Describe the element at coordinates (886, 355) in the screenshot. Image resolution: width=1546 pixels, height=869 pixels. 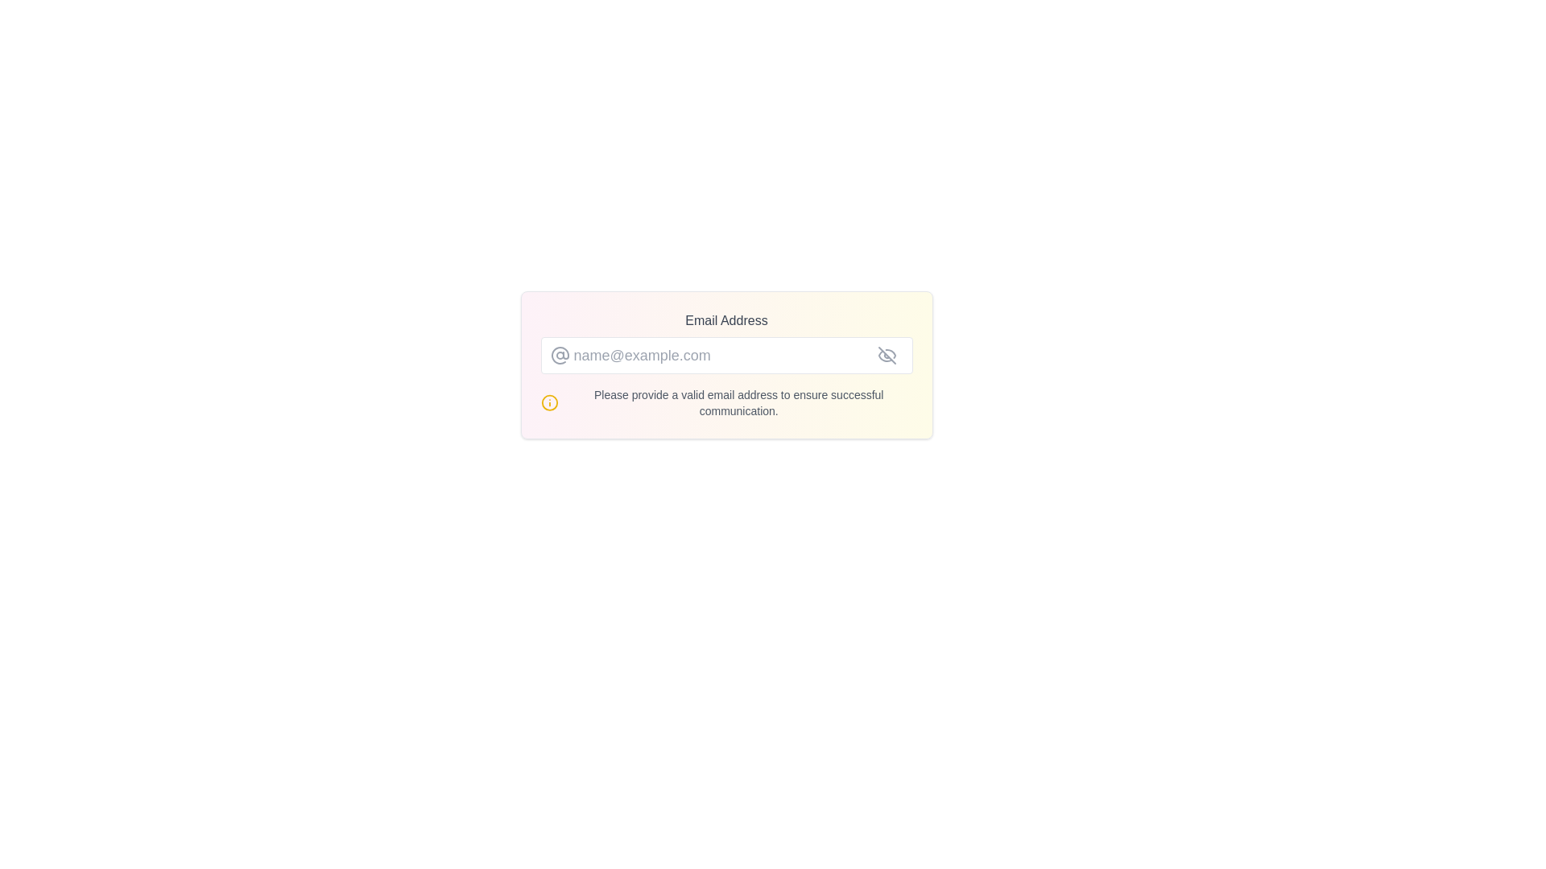
I see `the toggle visibility button located at the right end of the email input field` at that location.